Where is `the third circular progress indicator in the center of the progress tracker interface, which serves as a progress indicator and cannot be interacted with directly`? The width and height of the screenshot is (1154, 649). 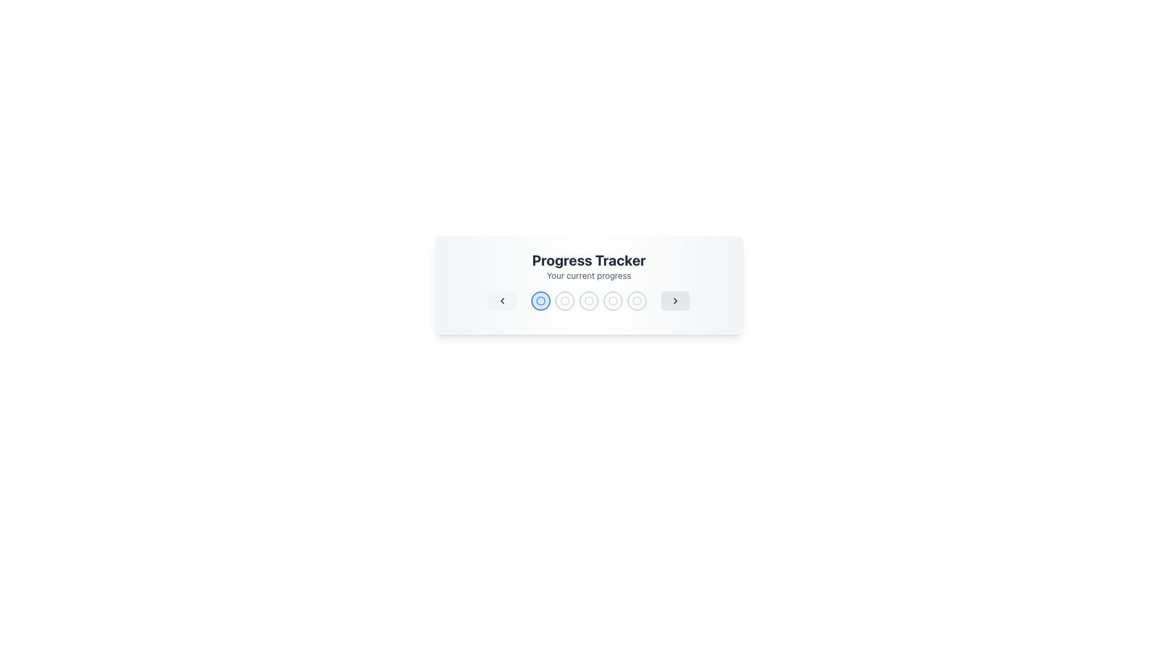 the third circular progress indicator in the center of the progress tracker interface, which serves as a progress indicator and cannot be interacted with directly is located at coordinates (612, 300).